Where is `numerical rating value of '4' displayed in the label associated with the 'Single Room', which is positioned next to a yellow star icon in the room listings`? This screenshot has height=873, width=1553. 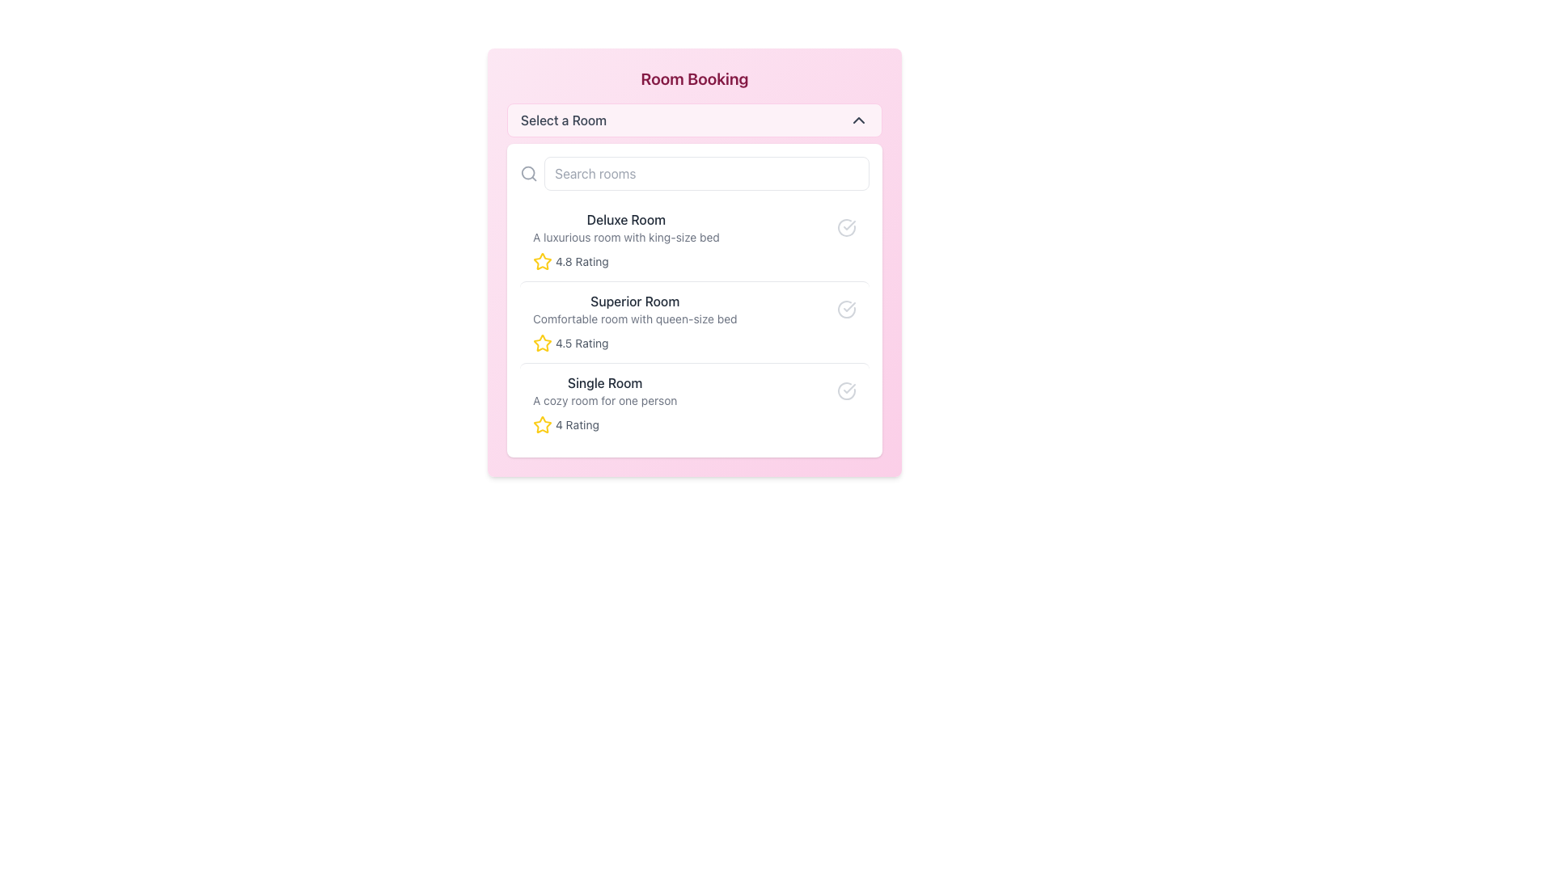 numerical rating value of '4' displayed in the label associated with the 'Single Room', which is positioned next to a yellow star icon in the room listings is located at coordinates (577, 424).